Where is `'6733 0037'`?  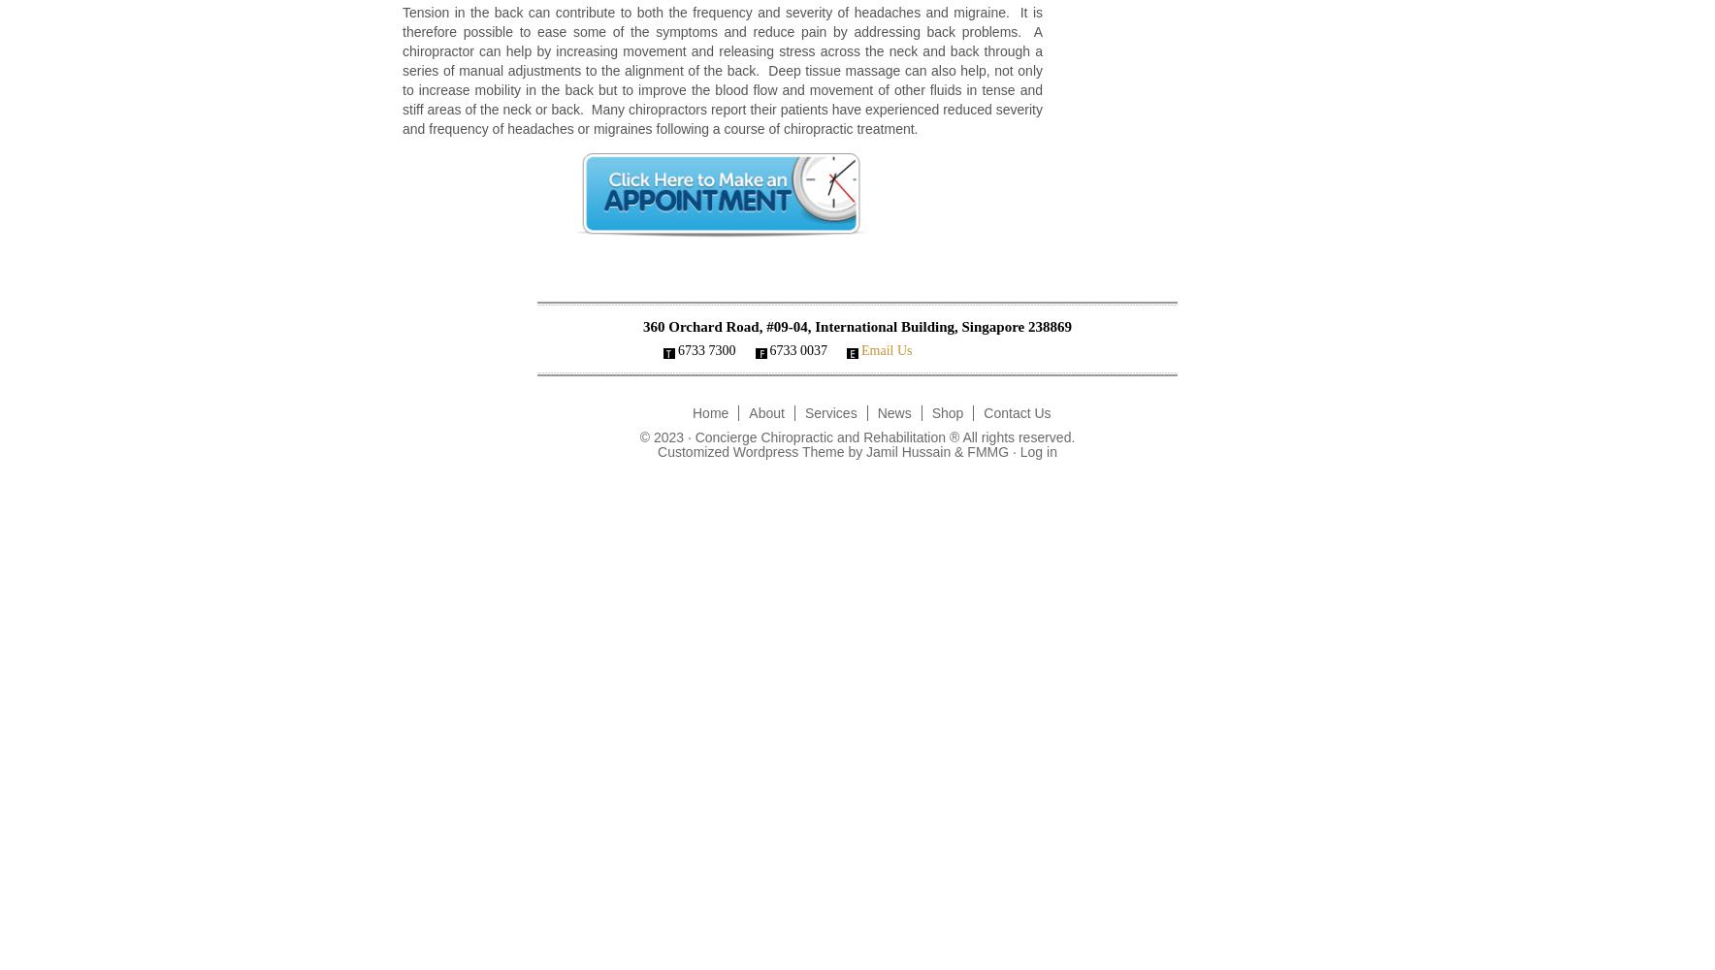 '6733 0037' is located at coordinates (798, 349).